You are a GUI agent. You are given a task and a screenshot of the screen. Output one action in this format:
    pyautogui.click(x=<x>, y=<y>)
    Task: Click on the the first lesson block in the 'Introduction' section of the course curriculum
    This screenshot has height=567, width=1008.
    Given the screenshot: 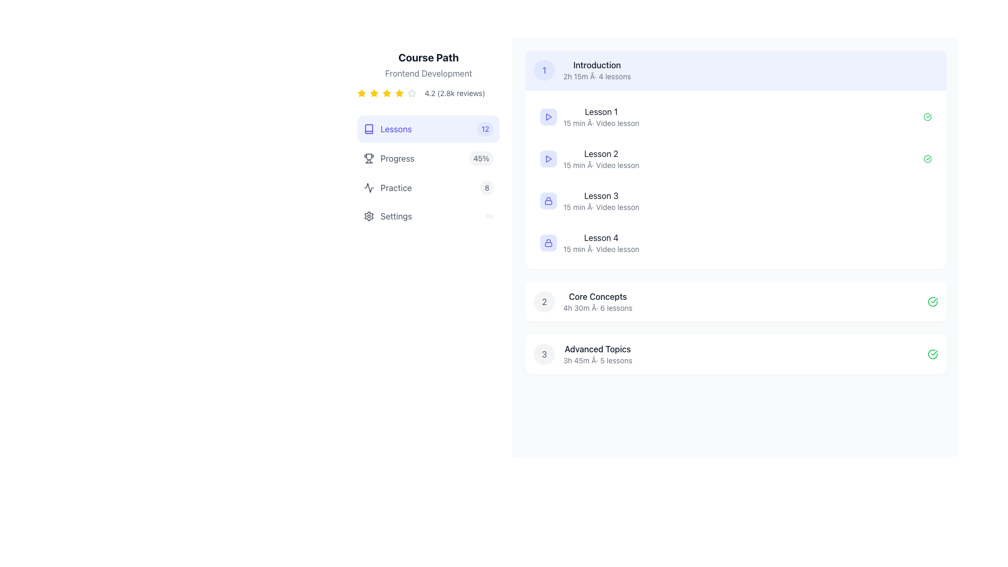 What is the action you would take?
    pyautogui.click(x=735, y=117)
    